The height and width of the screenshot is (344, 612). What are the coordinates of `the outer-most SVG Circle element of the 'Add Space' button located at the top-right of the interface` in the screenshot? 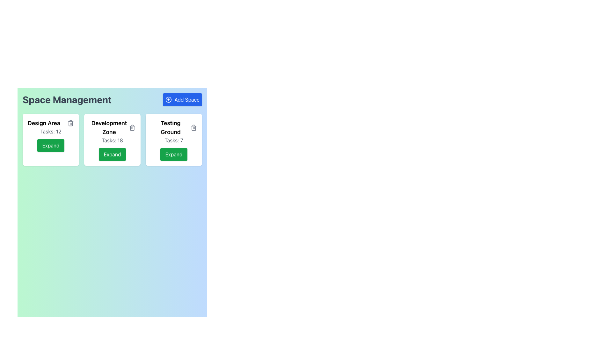 It's located at (169, 99).